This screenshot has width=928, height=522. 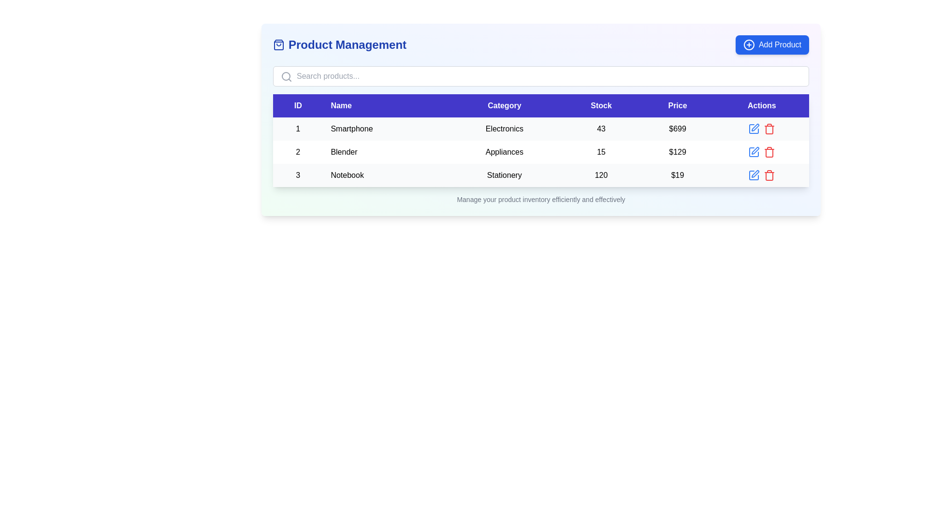 I want to click on the 'Add New Product' button located in the top right corner of the 'Product Management' section, so click(x=772, y=44).